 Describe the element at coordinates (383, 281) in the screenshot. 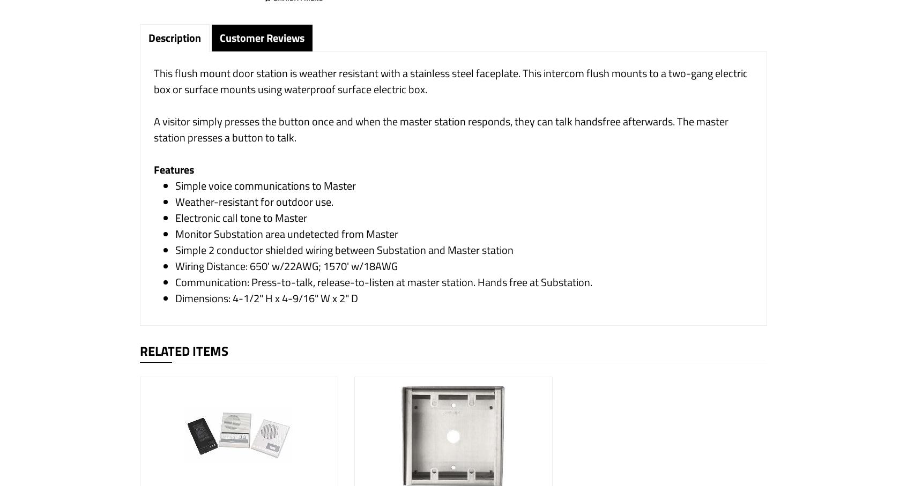

I see `'Communication: Press-to-talk, release-to-listen at master station. Hands free at Substation.'` at that location.